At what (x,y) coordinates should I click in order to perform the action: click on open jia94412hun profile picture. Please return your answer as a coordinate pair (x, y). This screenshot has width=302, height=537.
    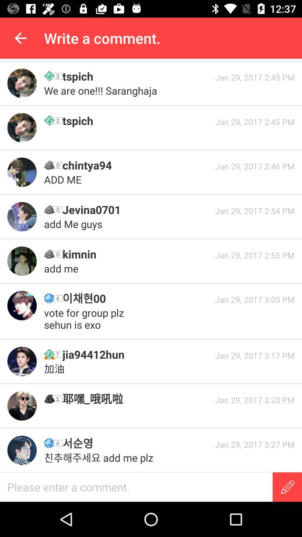
    Looking at the image, I should click on (22, 361).